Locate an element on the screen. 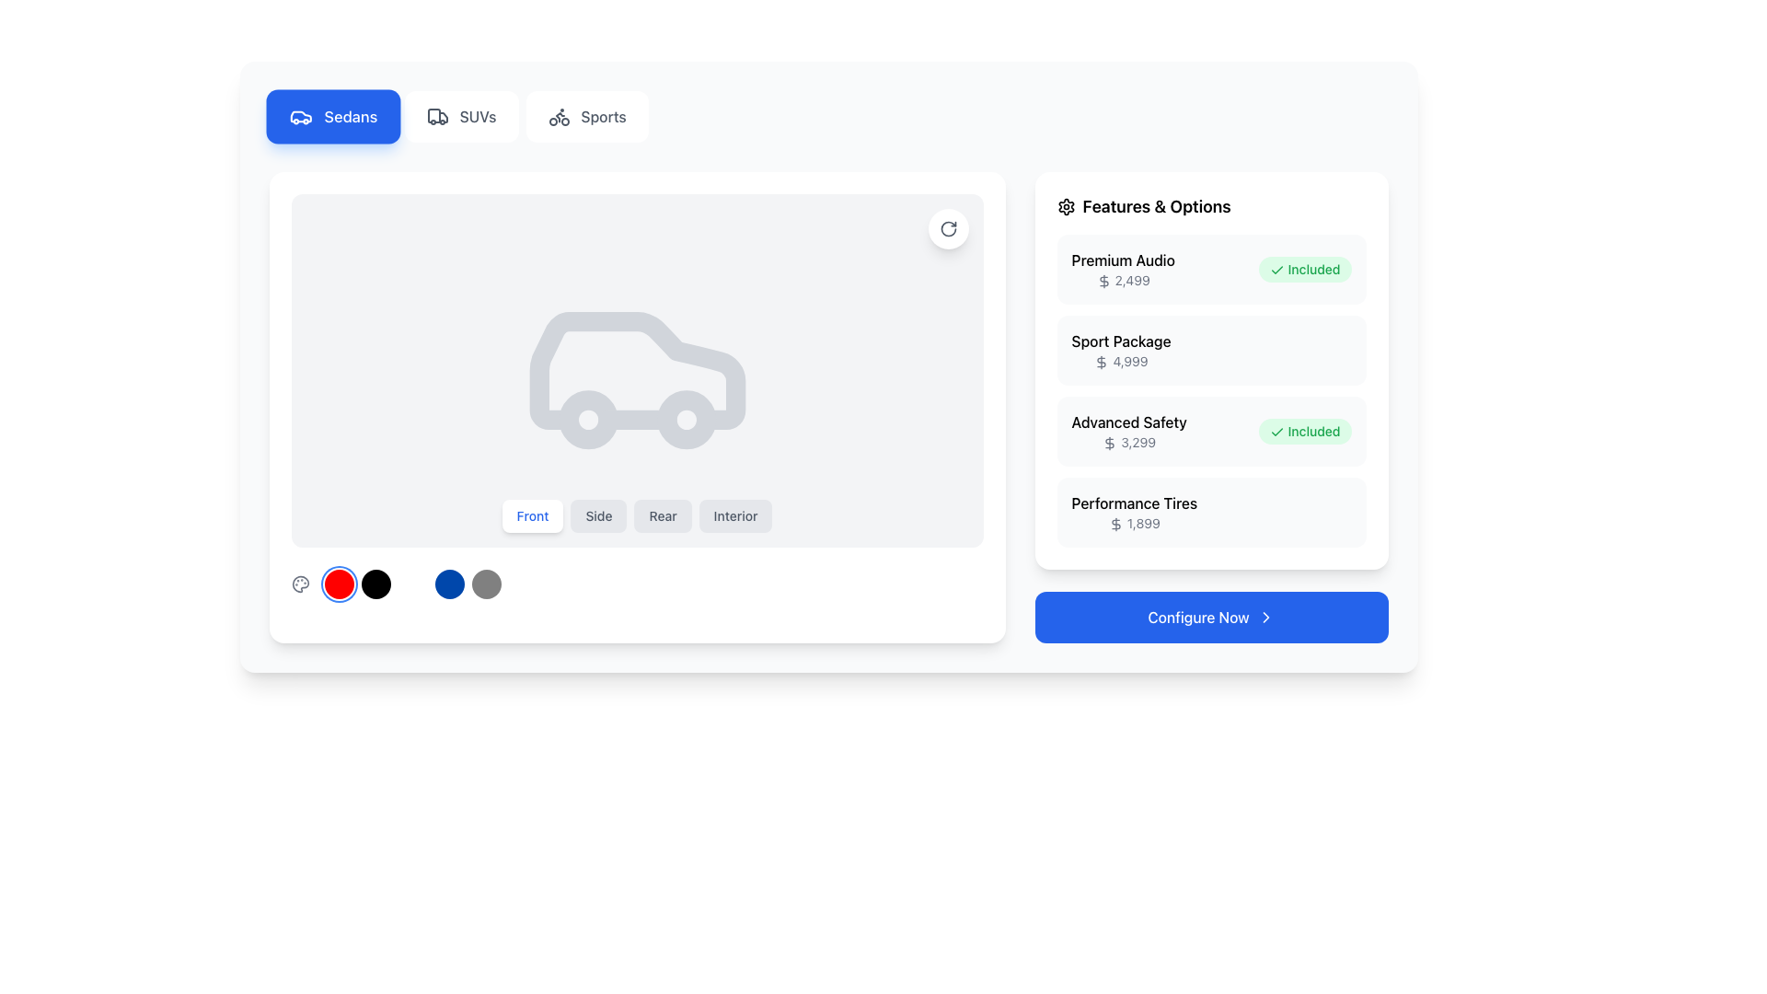  the truck icon located in the 'SUVs' tab of the horizontal navigation bar is located at coordinates (436, 117).